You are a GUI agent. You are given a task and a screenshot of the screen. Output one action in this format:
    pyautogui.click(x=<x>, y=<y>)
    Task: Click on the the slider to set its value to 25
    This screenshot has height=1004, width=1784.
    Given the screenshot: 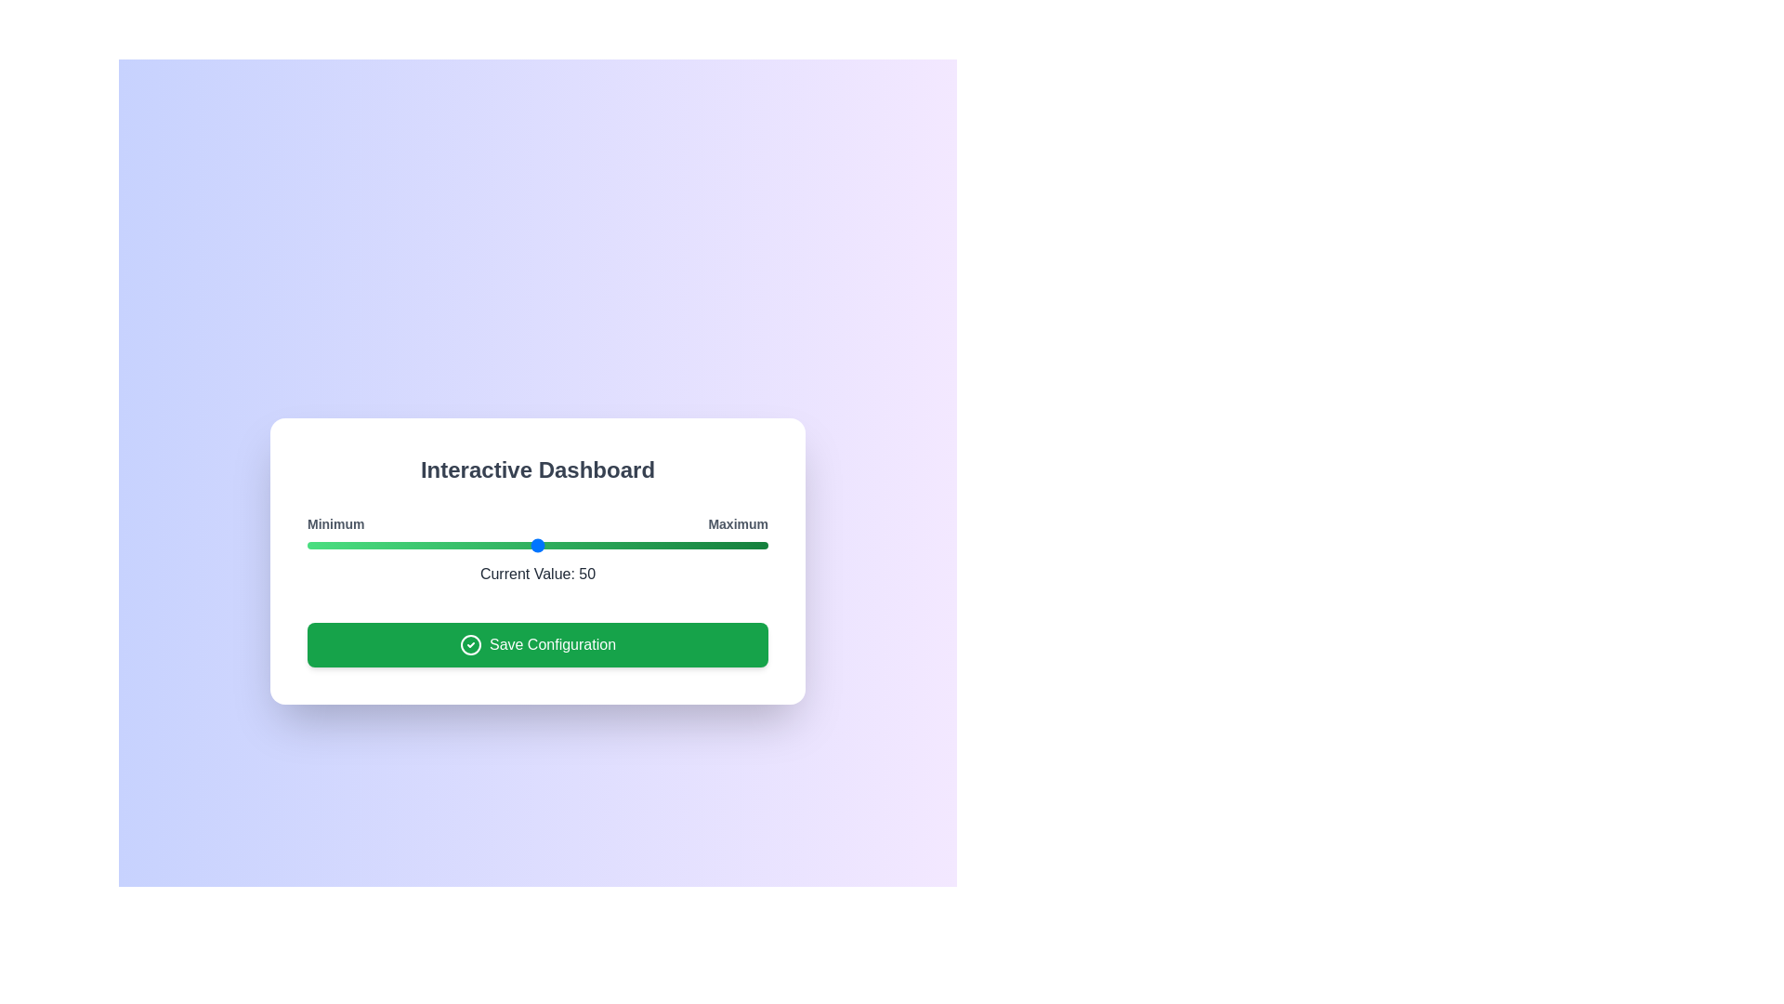 What is the action you would take?
    pyautogui.click(x=422, y=544)
    